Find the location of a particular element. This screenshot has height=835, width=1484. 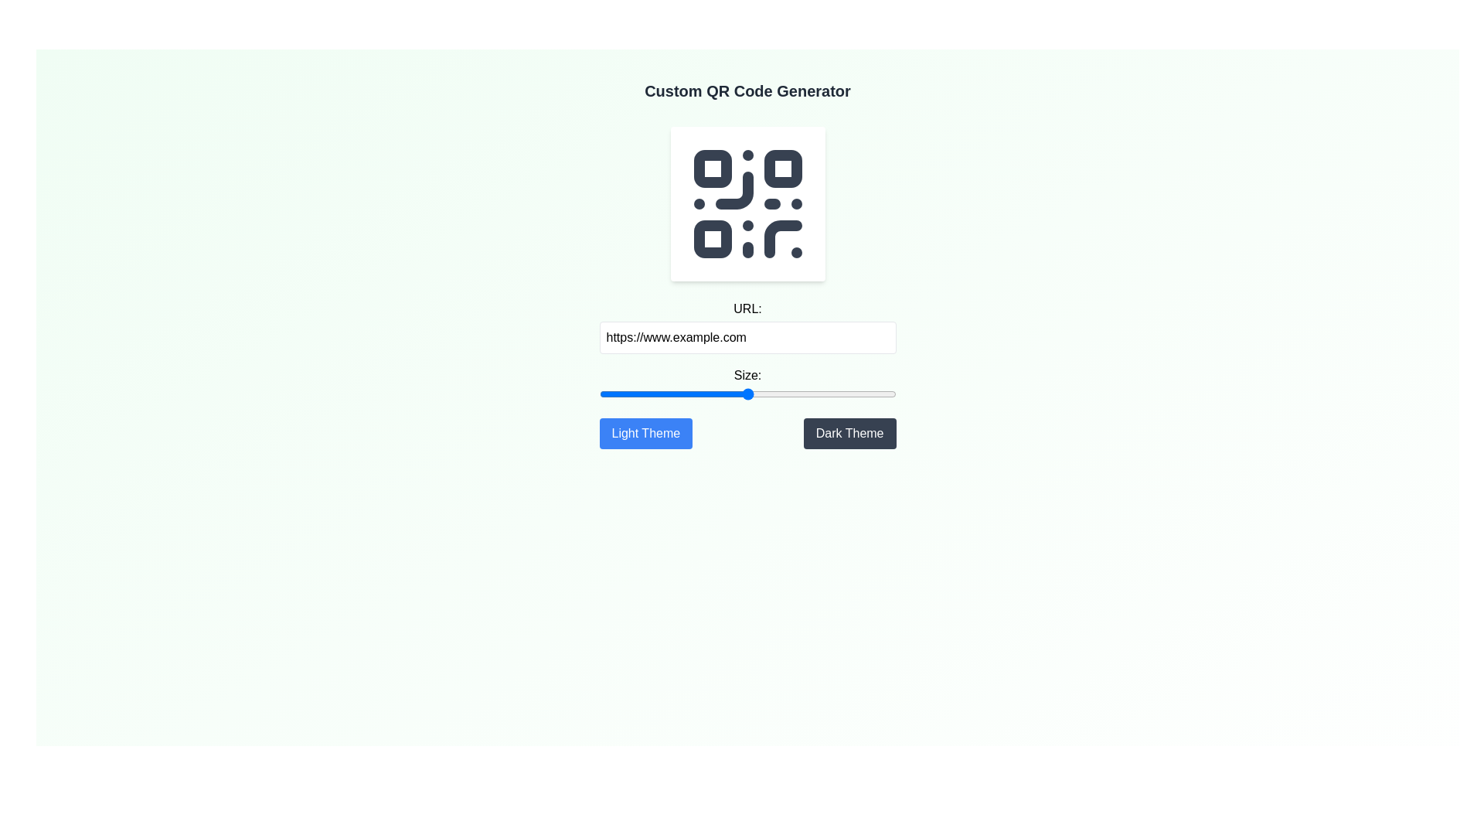

the slider value is located at coordinates (764, 393).